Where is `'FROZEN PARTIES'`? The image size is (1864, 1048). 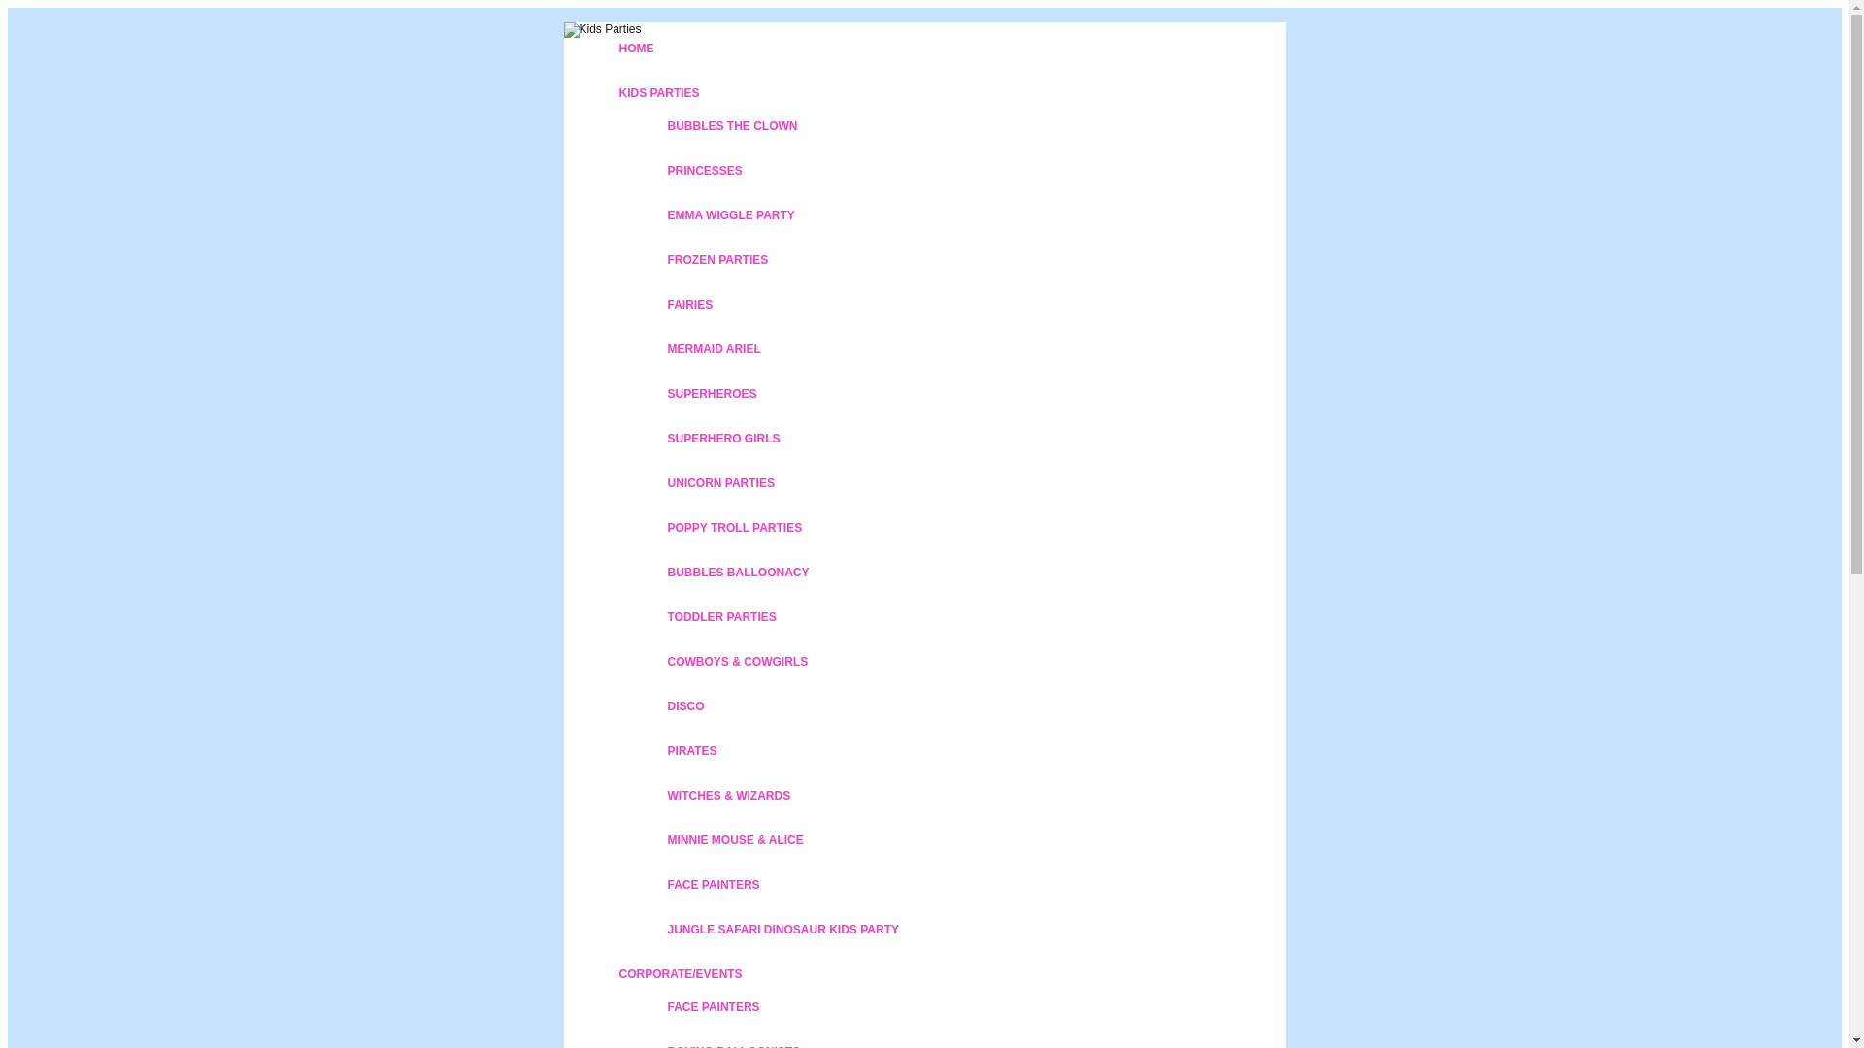
'FROZEN PARTIES' is located at coordinates (660, 258).